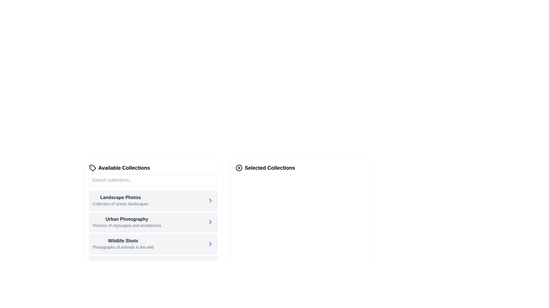 The height and width of the screenshot is (308, 549). Describe the element at coordinates (123, 244) in the screenshot. I see `the 'Wildlife Shots' collection list item, which features bold text and is the third option in the 'Available Collections' section` at that location.